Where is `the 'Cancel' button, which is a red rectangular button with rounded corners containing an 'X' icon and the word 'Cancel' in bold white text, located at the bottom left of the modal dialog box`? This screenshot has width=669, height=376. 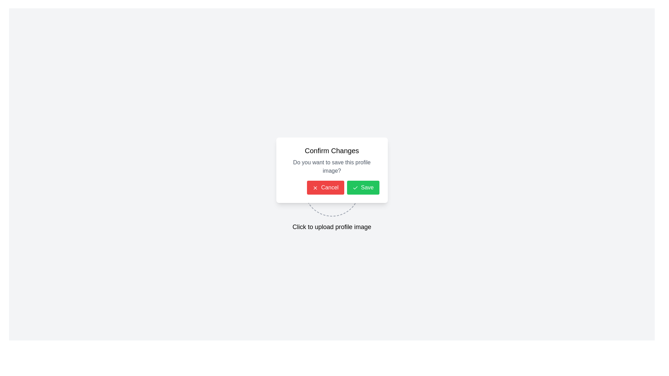
the 'Cancel' button, which is a red rectangular button with rounded corners containing an 'X' icon and the word 'Cancel' in bold white text, located at the bottom left of the modal dialog box is located at coordinates (325, 187).